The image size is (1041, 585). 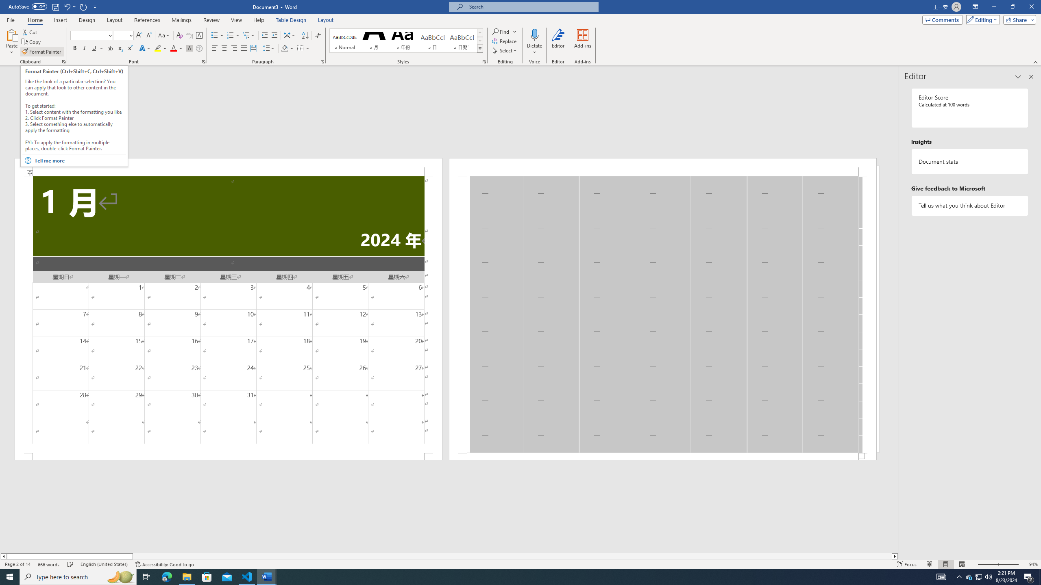 What do you see at coordinates (189, 35) in the screenshot?
I see `'Phonetic Guide...'` at bounding box center [189, 35].